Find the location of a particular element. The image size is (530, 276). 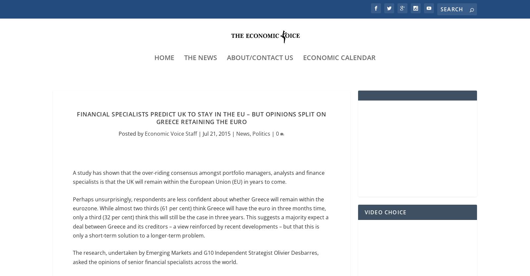

'About/Contact Us' is located at coordinates (260, 56).